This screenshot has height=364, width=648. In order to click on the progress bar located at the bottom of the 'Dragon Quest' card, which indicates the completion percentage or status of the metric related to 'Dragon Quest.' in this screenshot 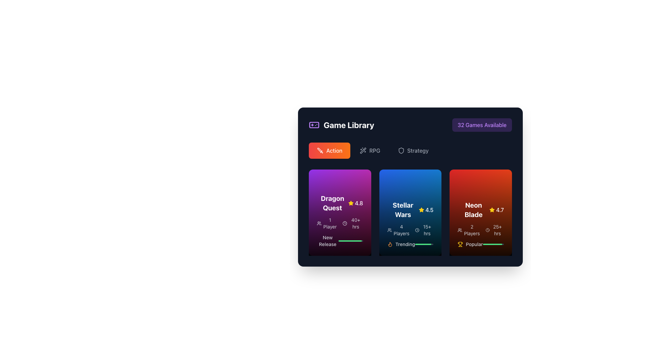, I will do `click(351, 240)`.